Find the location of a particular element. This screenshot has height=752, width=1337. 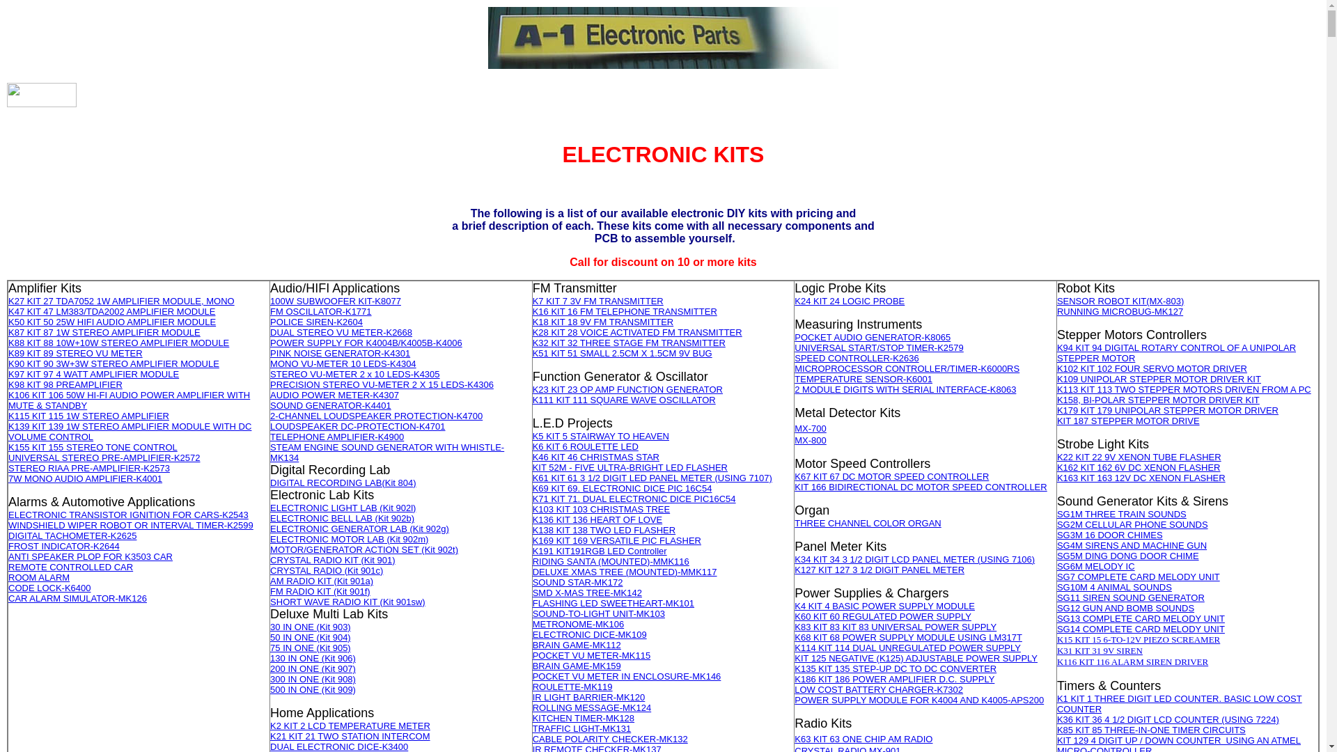

'2 MODULE DIGITS WITH SERIAL INTERFACE-K8063' is located at coordinates (905, 389).